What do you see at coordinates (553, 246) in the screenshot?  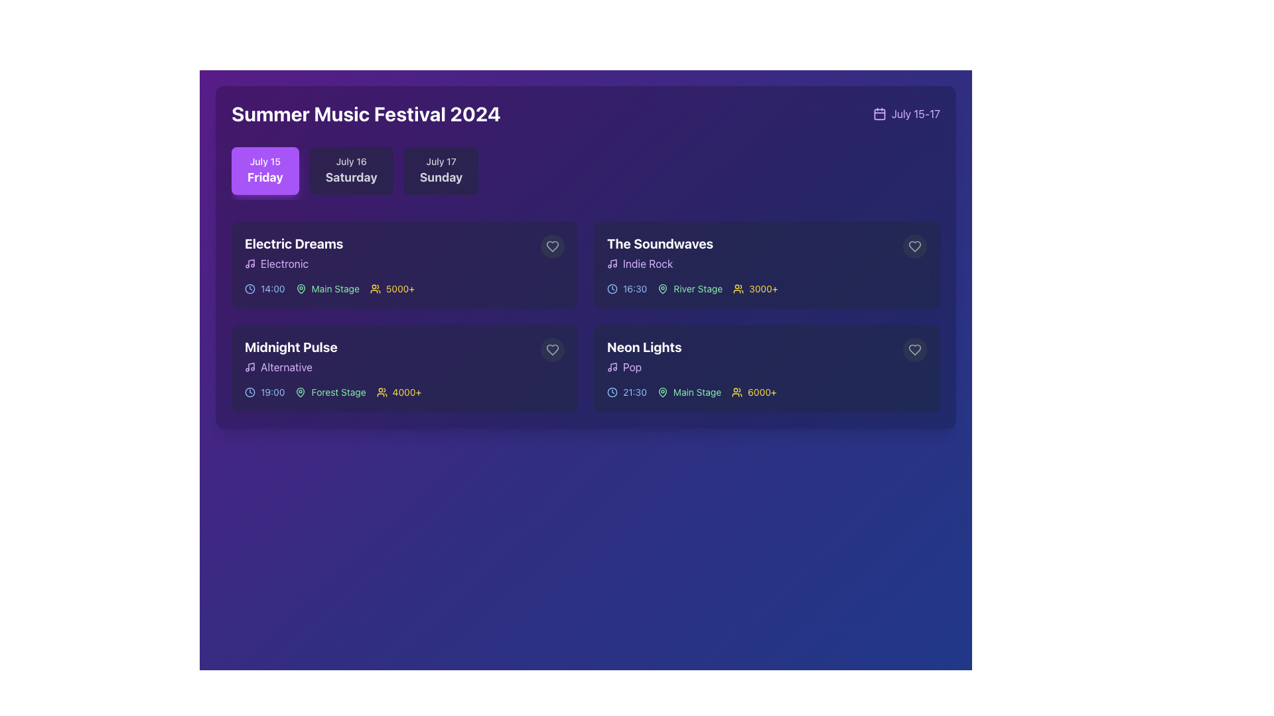 I see `the circular button with a heart-shaped icon at the top-right corner of the 'Electric Dreams' event details box to perform the associated action` at bounding box center [553, 246].